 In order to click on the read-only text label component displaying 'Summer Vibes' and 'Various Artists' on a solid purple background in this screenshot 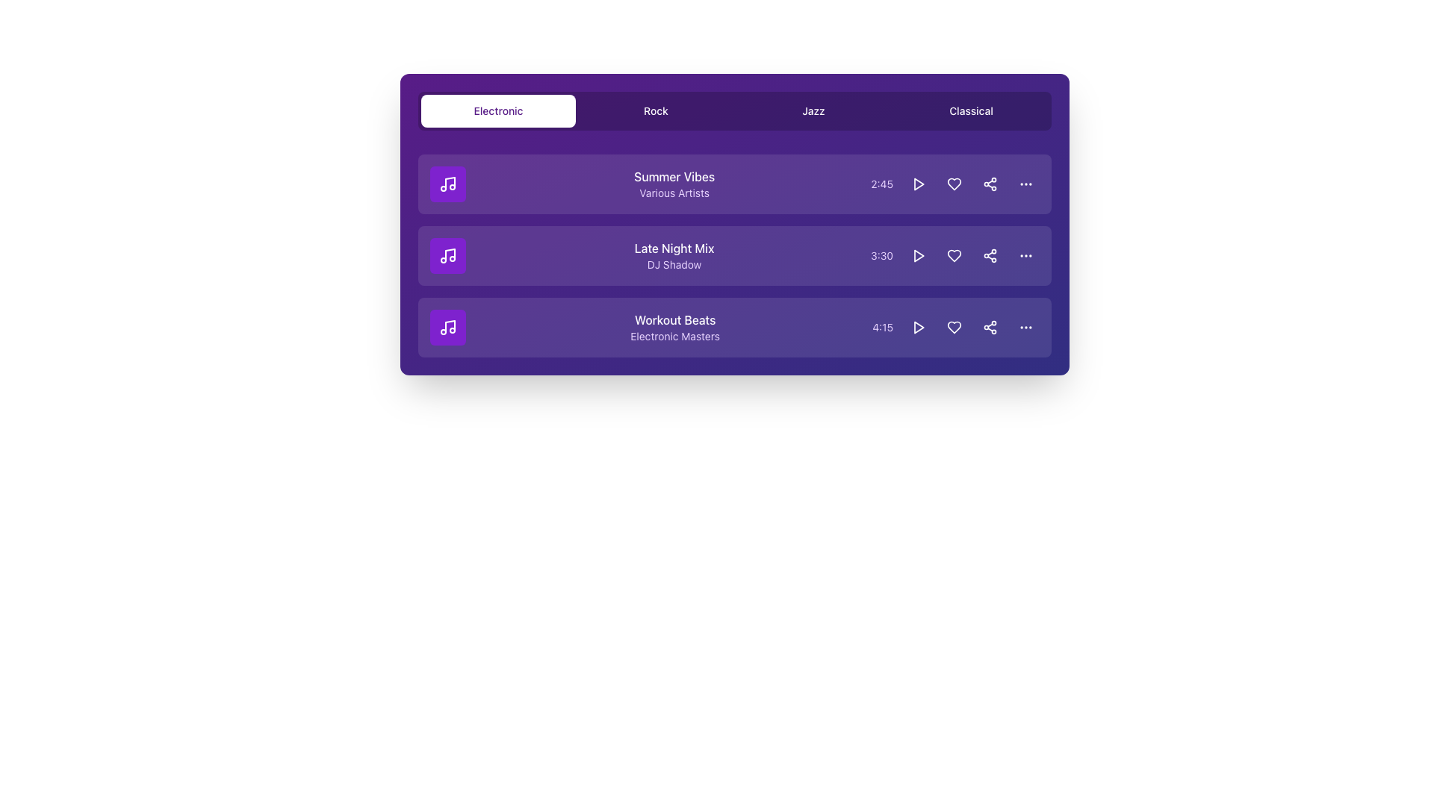, I will do `click(674, 183)`.